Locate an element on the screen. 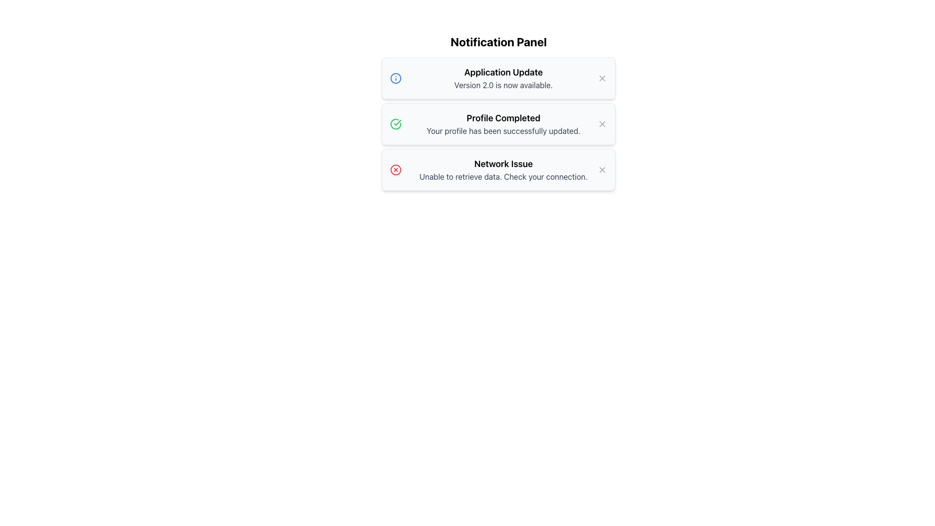 This screenshot has height=526, width=935. the Text Label that communicates the availability of version 2.0 for the application, located in the first notification card under the title 'Application Update' is located at coordinates (503, 84).